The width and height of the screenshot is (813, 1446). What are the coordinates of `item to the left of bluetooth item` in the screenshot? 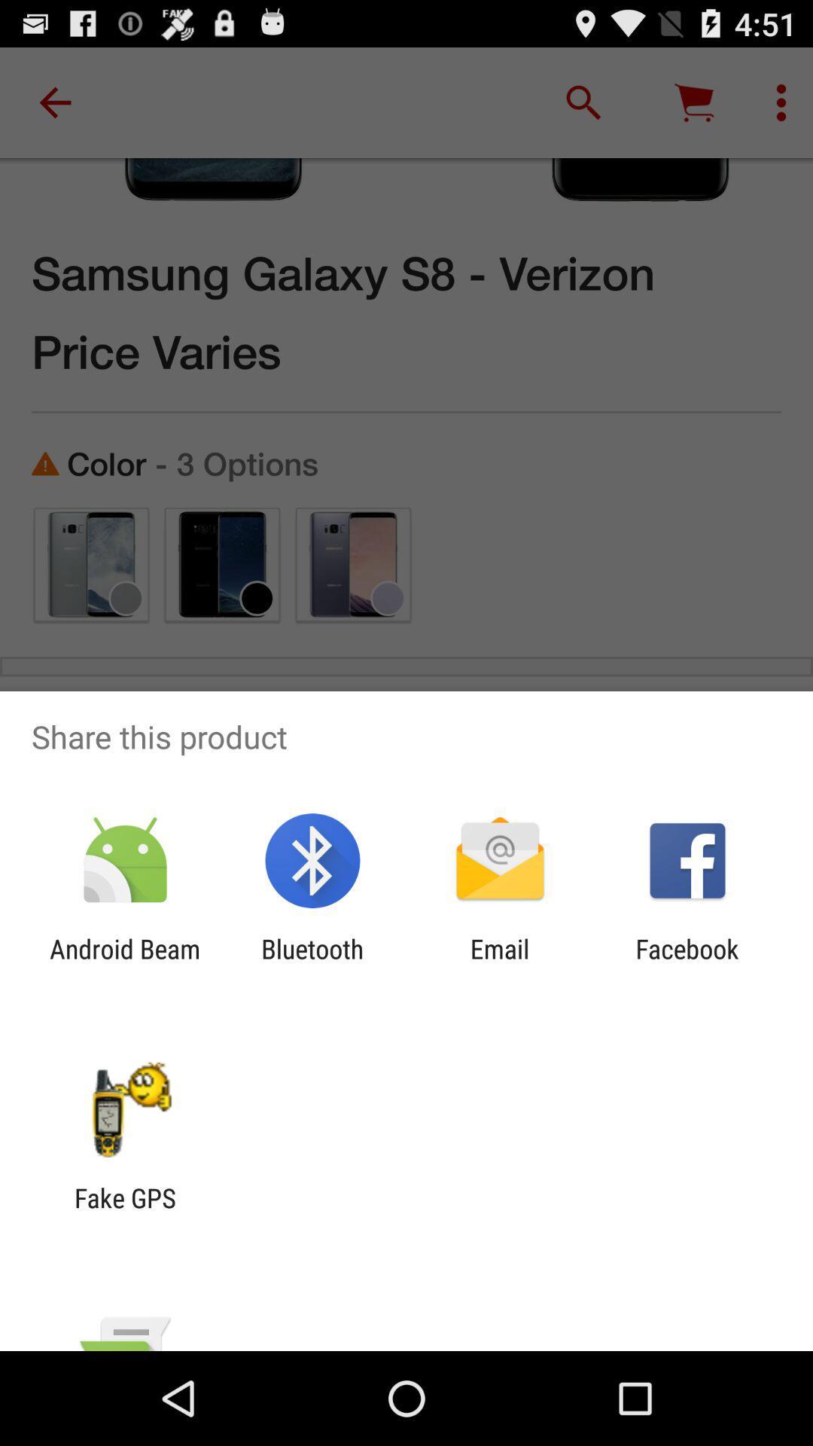 It's located at (124, 965).